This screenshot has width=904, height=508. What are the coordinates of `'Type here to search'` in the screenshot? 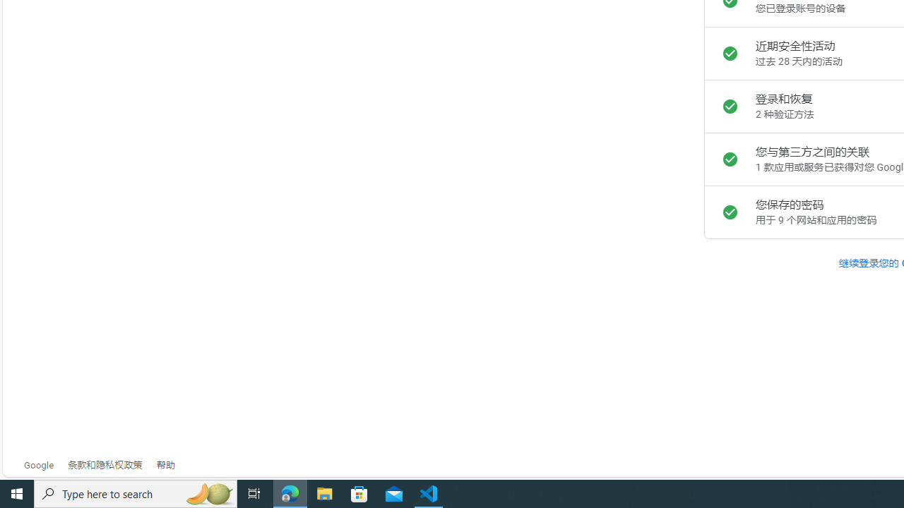 It's located at (136, 492).